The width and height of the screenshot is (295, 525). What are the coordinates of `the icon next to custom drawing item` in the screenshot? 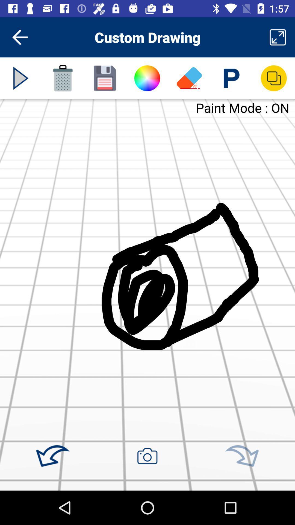 It's located at (20, 37).